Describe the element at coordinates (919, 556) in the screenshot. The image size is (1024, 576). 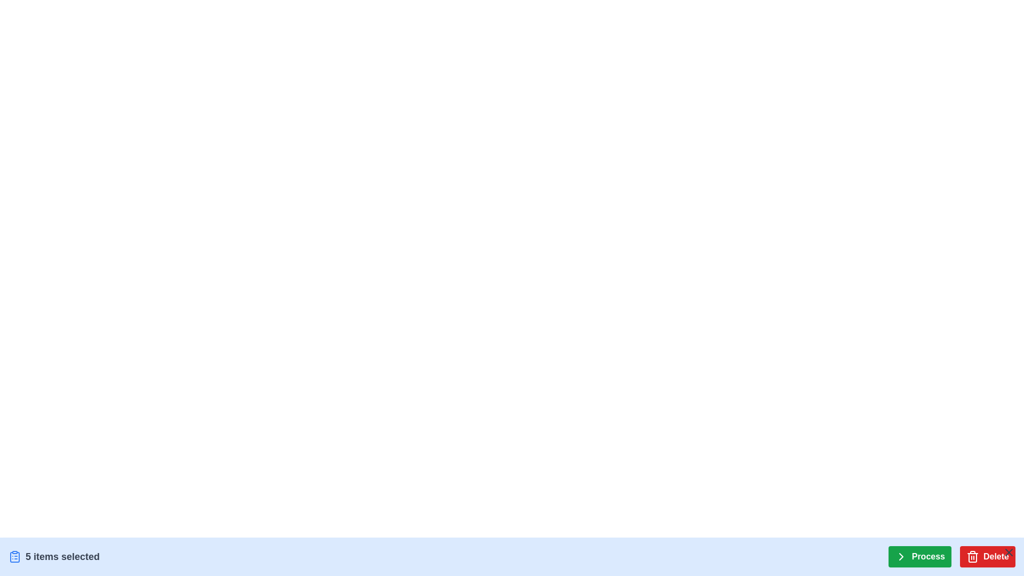
I see `the green 'Process' button with rounded outline, featuring bold white text and a right-facing arrow icon, located near the bottom-right corner of the interface` at that location.